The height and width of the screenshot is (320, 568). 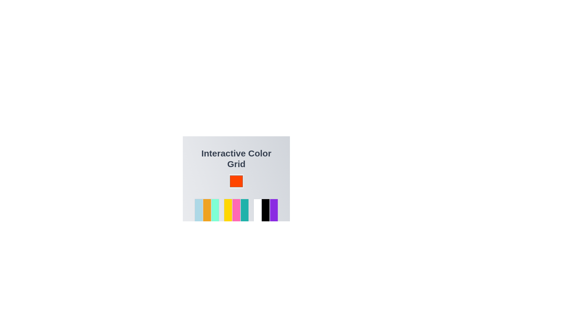 What do you see at coordinates (244, 210) in the screenshot?
I see `the third interactive tile in the color grid, located between a pink square and a black square` at bounding box center [244, 210].